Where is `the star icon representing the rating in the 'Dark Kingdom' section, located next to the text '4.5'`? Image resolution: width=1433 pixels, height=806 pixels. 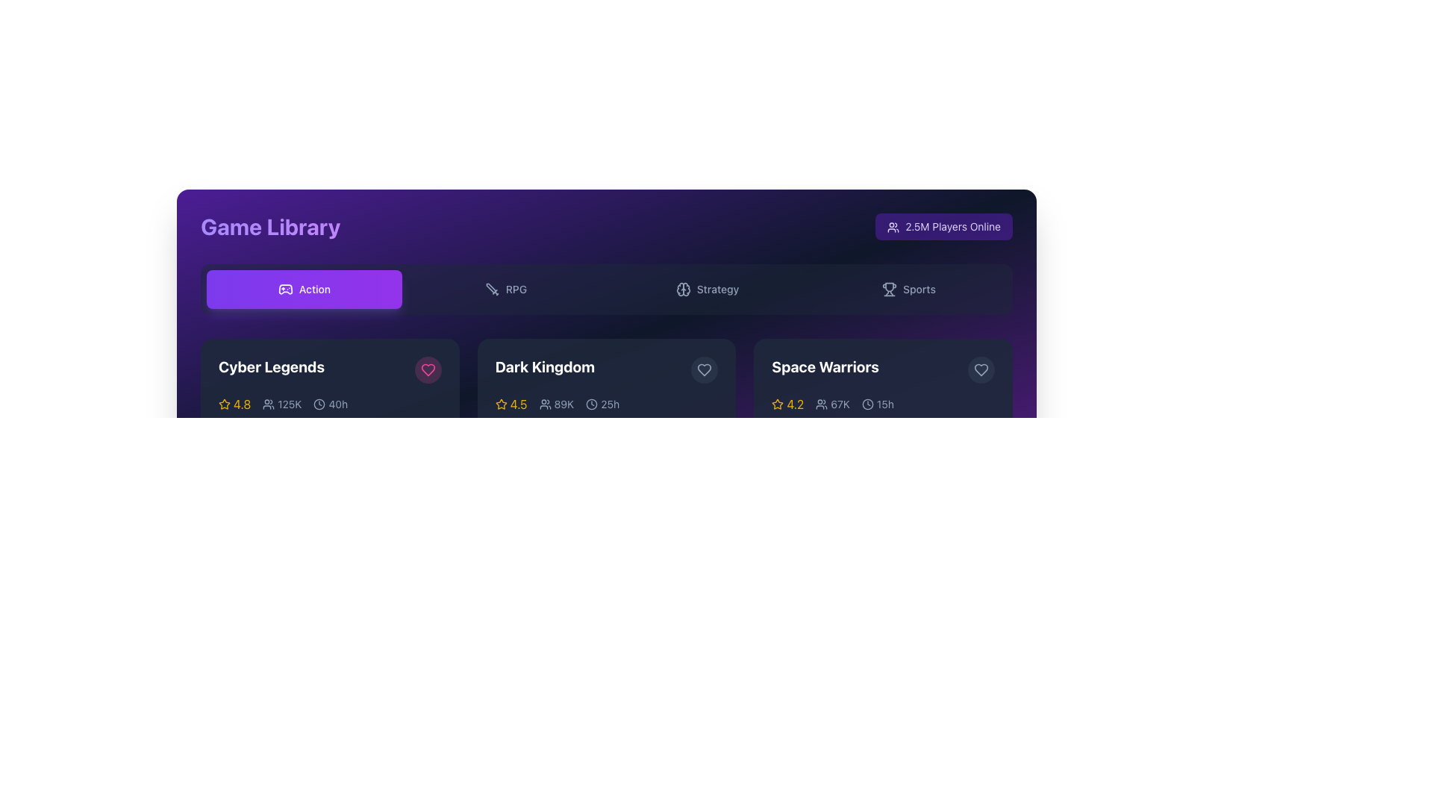 the star icon representing the rating in the 'Dark Kingdom' section, located next to the text '4.5' is located at coordinates (501, 404).